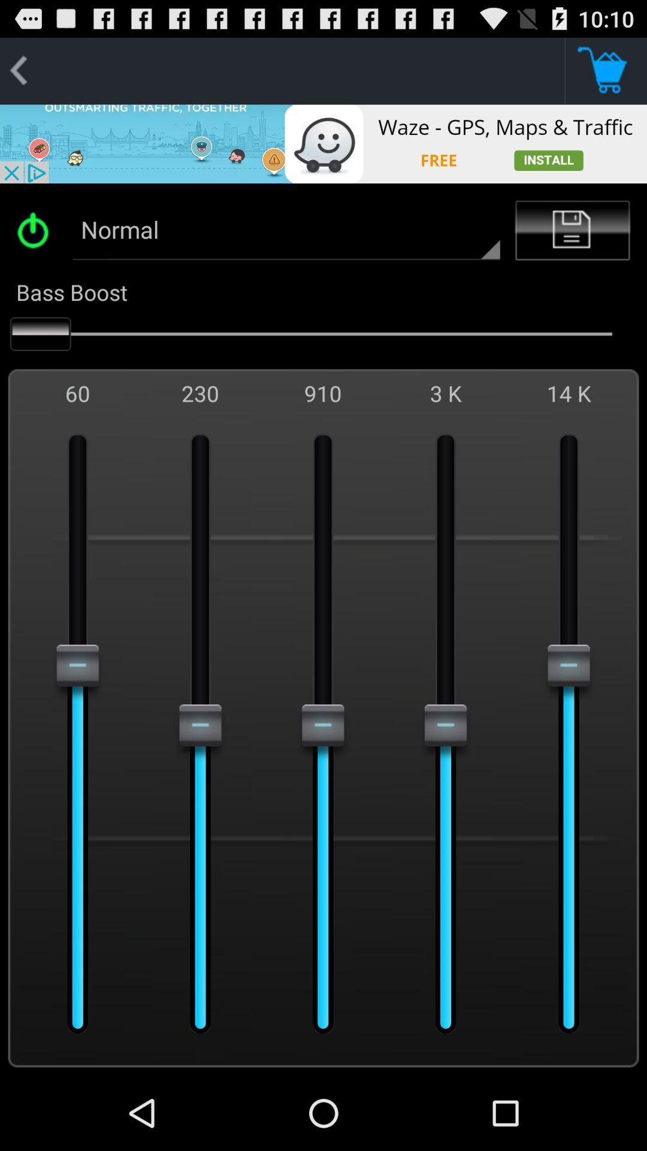  What do you see at coordinates (37, 230) in the screenshot?
I see `turn off equalizer` at bounding box center [37, 230].